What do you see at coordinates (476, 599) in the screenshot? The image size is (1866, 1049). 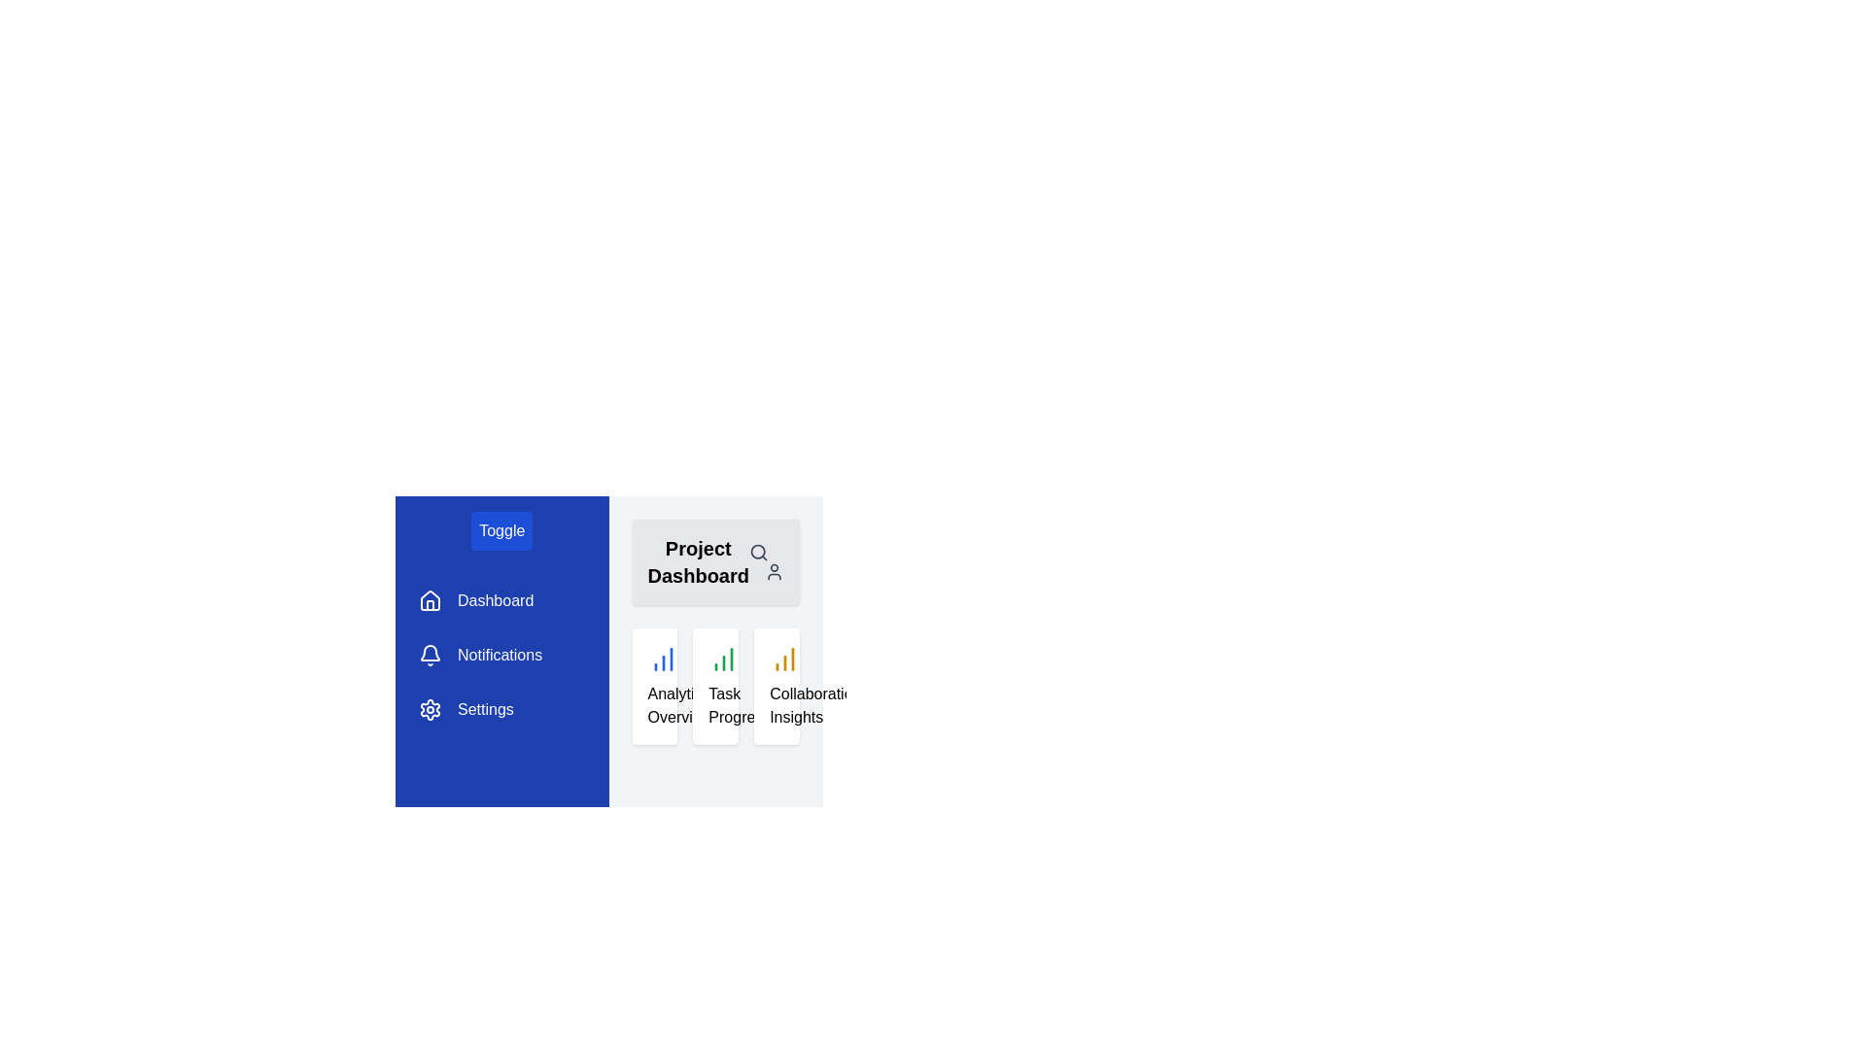 I see `the interactive navigation button for the 'Dashboard' section located at the top of the vertical navigation bar` at bounding box center [476, 599].